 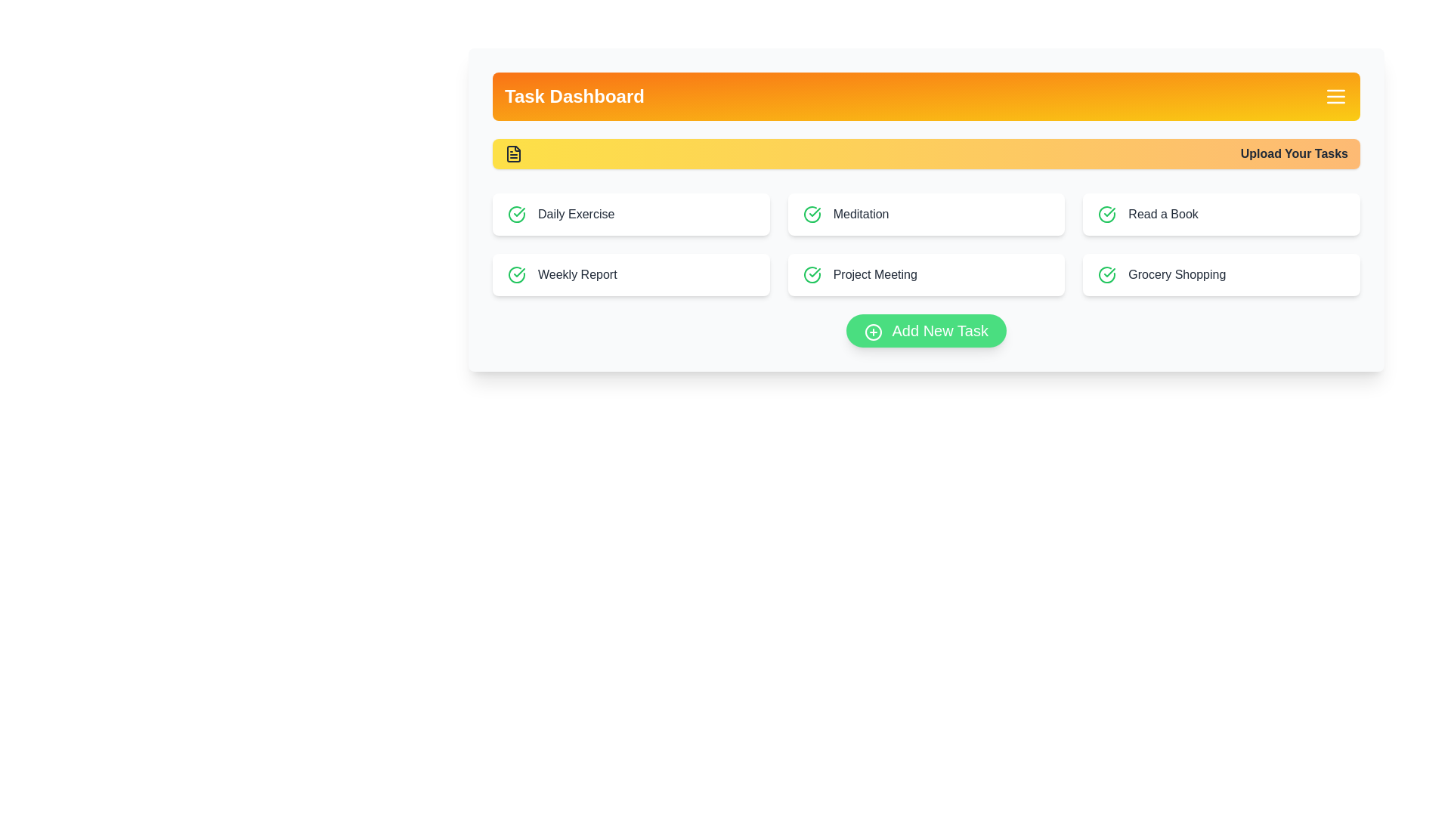 What do you see at coordinates (925, 215) in the screenshot?
I see `the task 'Meditation' from the task list` at bounding box center [925, 215].